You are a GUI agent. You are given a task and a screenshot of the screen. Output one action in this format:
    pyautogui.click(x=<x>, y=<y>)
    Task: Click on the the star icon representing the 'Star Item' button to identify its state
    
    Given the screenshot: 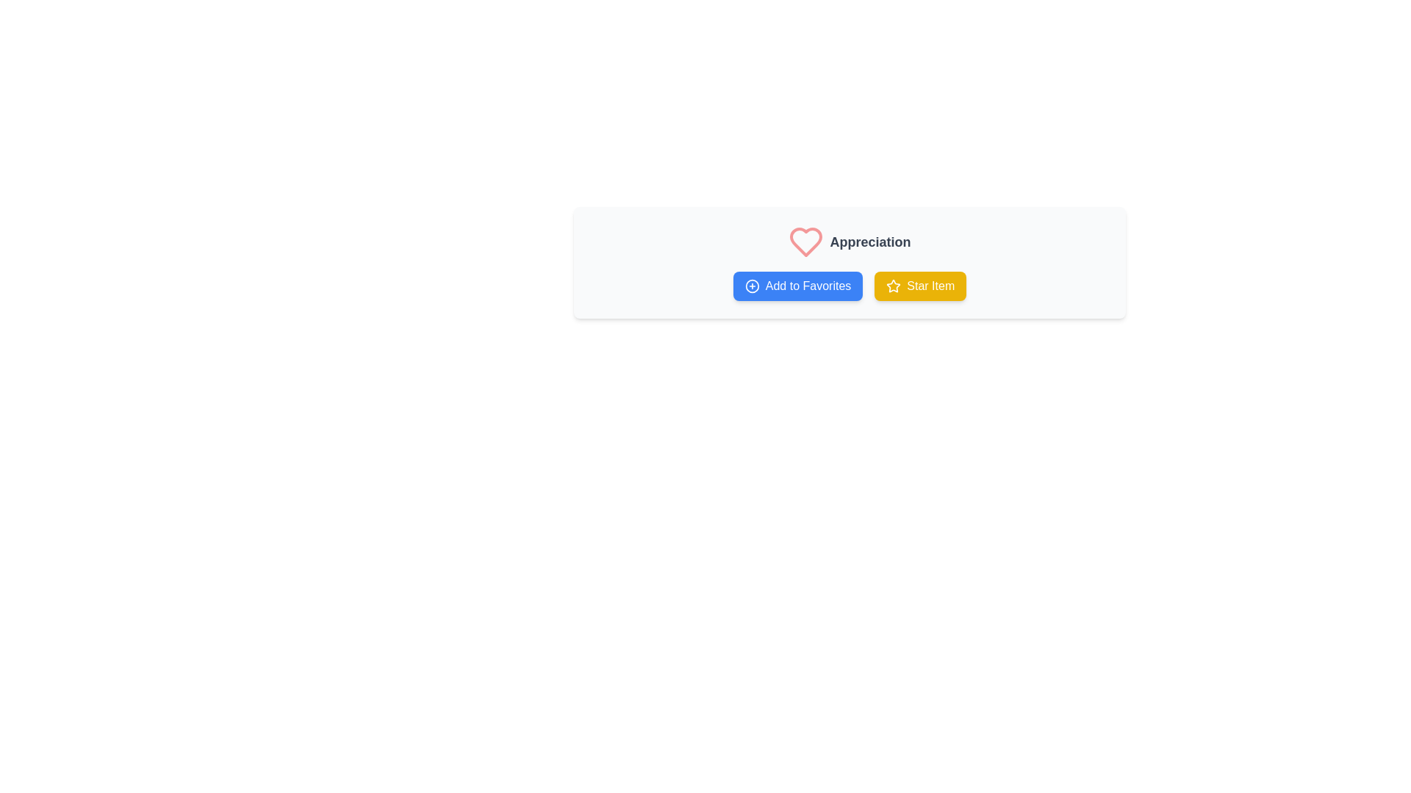 What is the action you would take?
    pyautogui.click(x=893, y=286)
    